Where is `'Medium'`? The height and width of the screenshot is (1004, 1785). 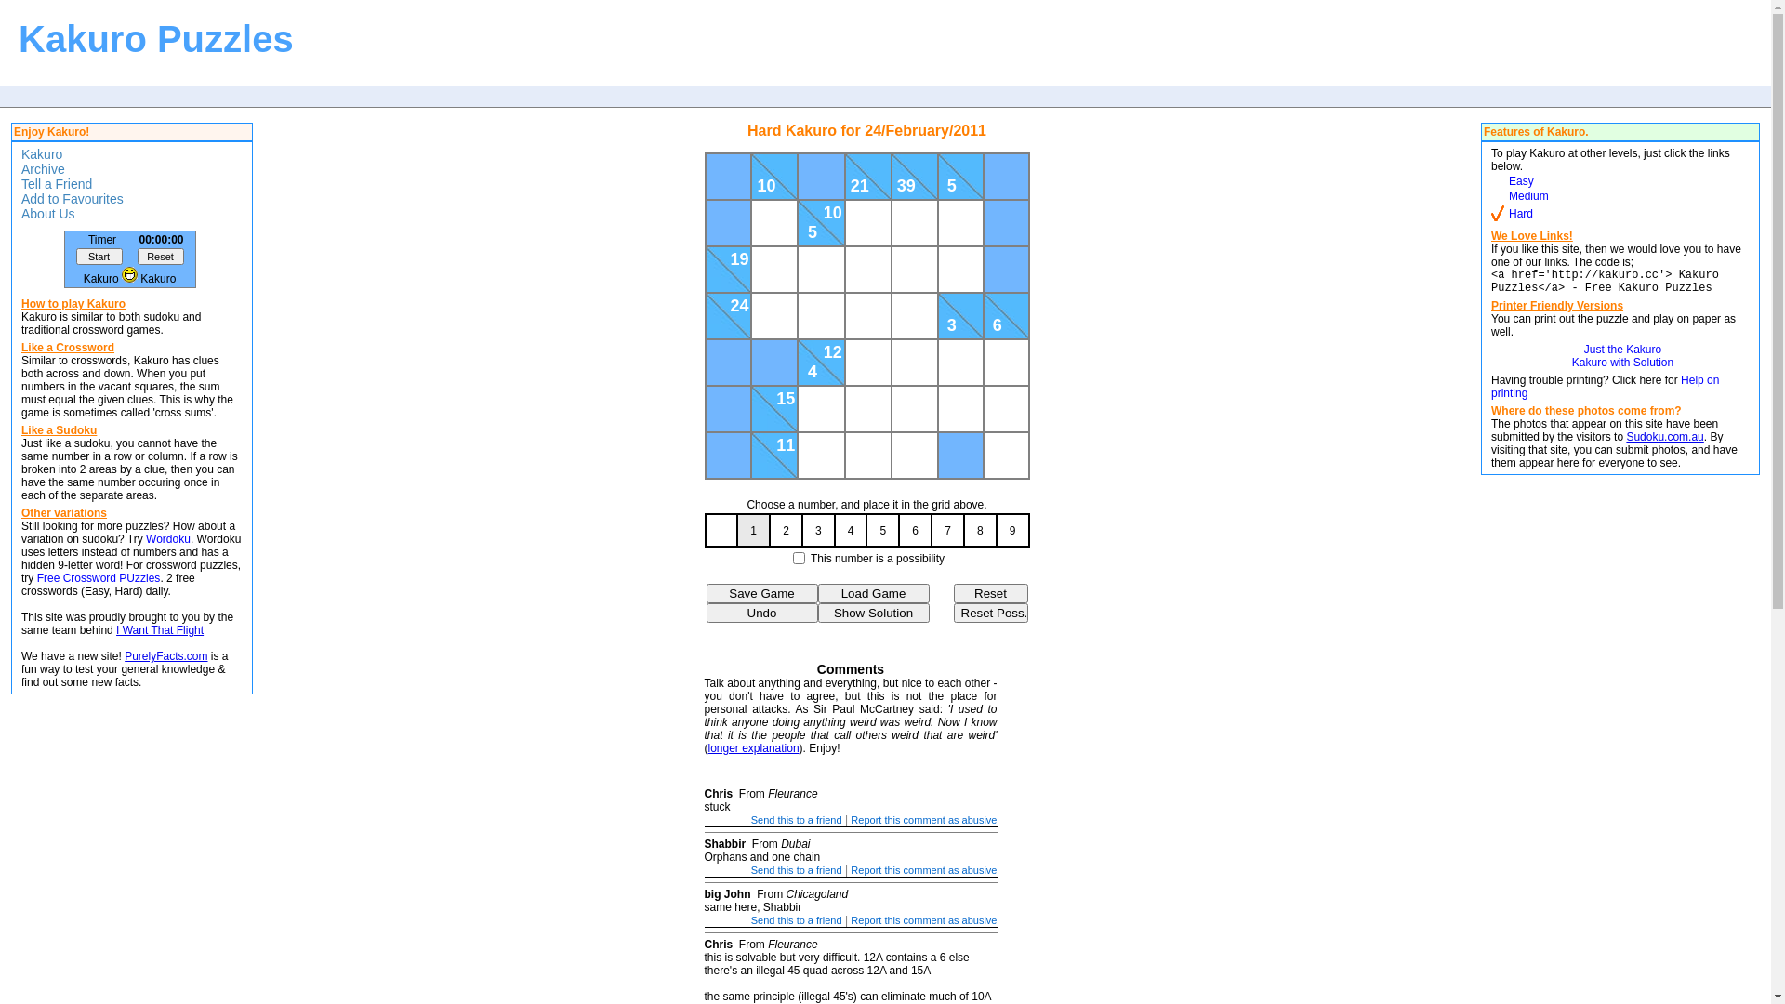 'Medium' is located at coordinates (1508, 196).